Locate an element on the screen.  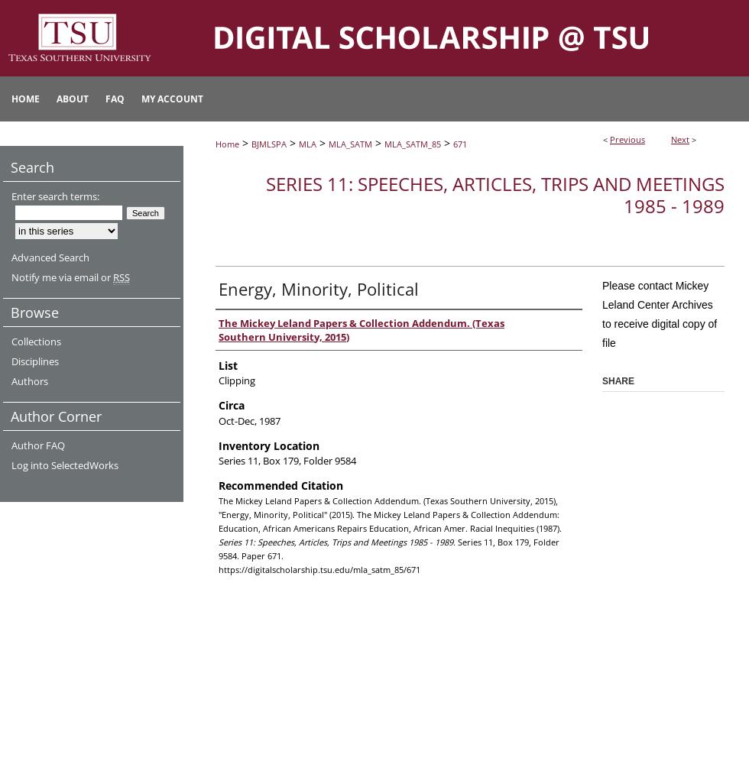
'Energy, Minority, Political' is located at coordinates (318, 288).